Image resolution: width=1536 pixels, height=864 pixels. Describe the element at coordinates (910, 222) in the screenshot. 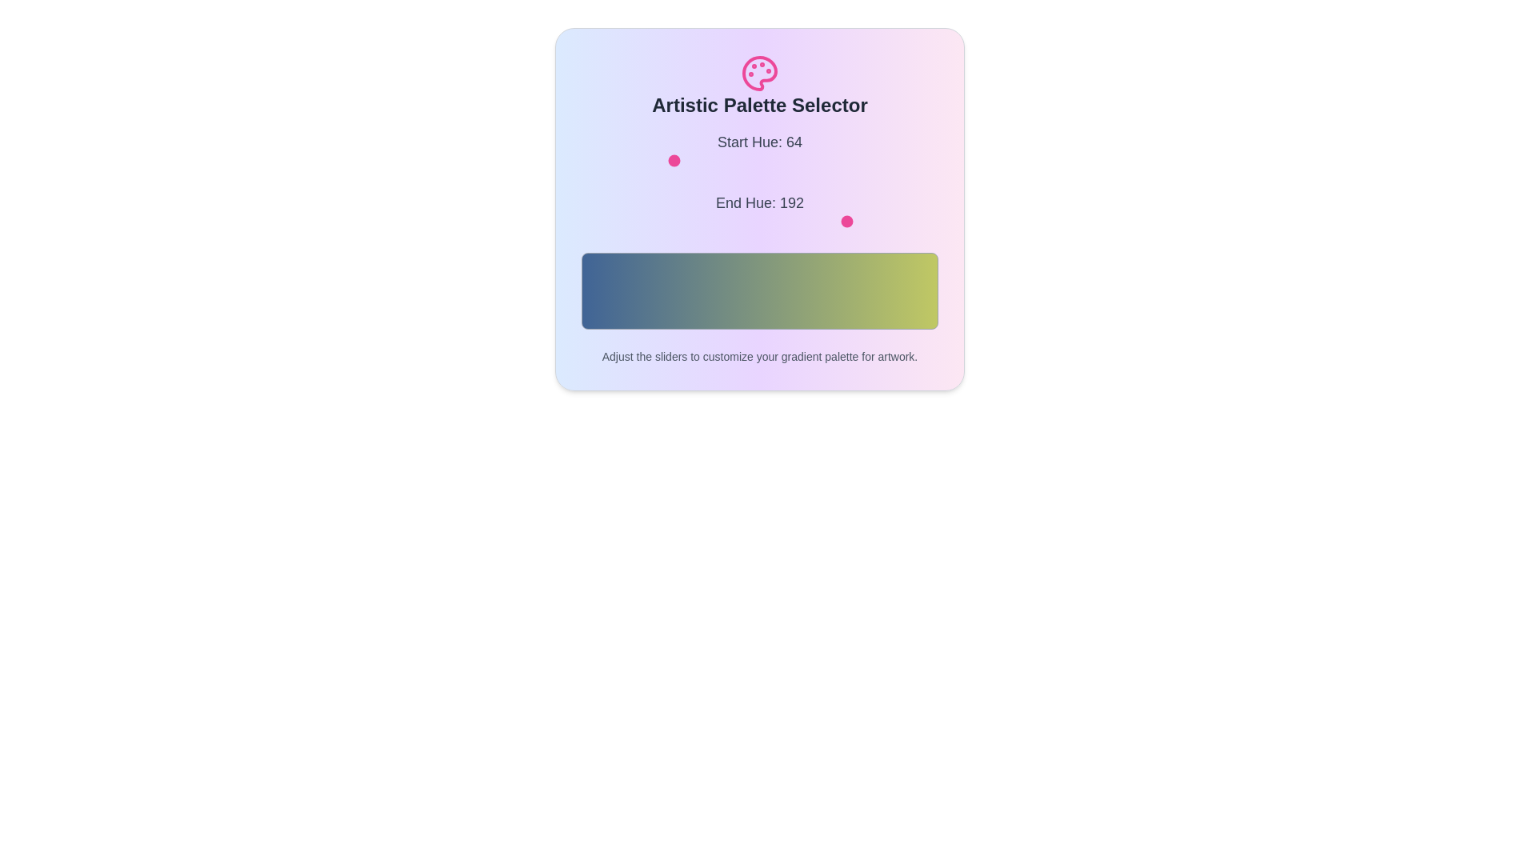

I see `the 'End Hue' slider to 235` at that location.